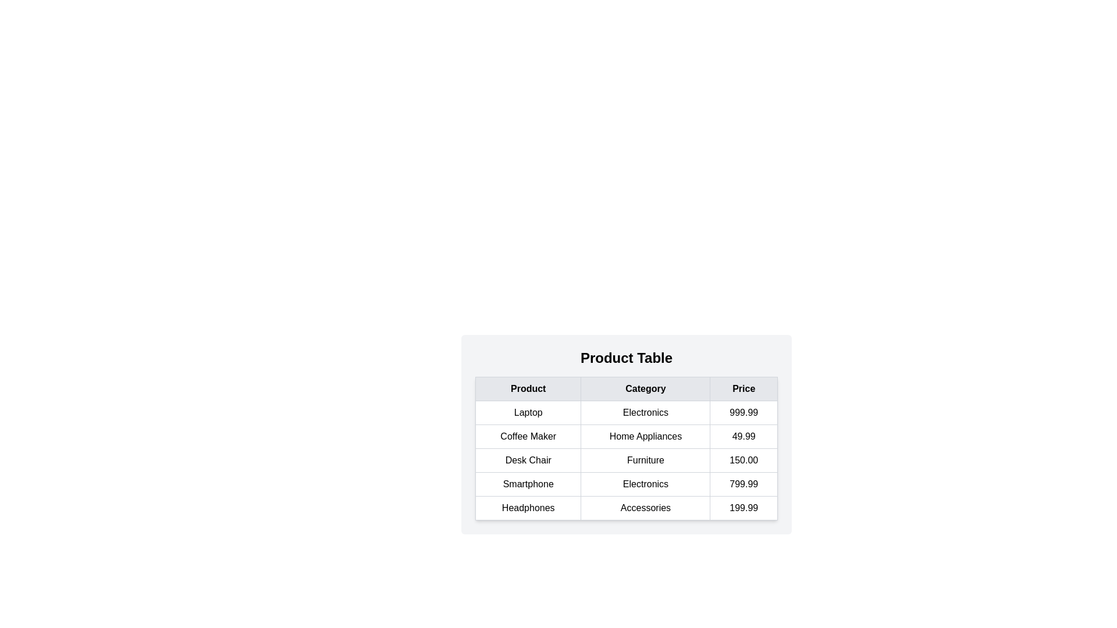 The height and width of the screenshot is (628, 1117). Describe the element at coordinates (528, 388) in the screenshot. I see `the leftmost column header of the table that indicates product-related data` at that location.